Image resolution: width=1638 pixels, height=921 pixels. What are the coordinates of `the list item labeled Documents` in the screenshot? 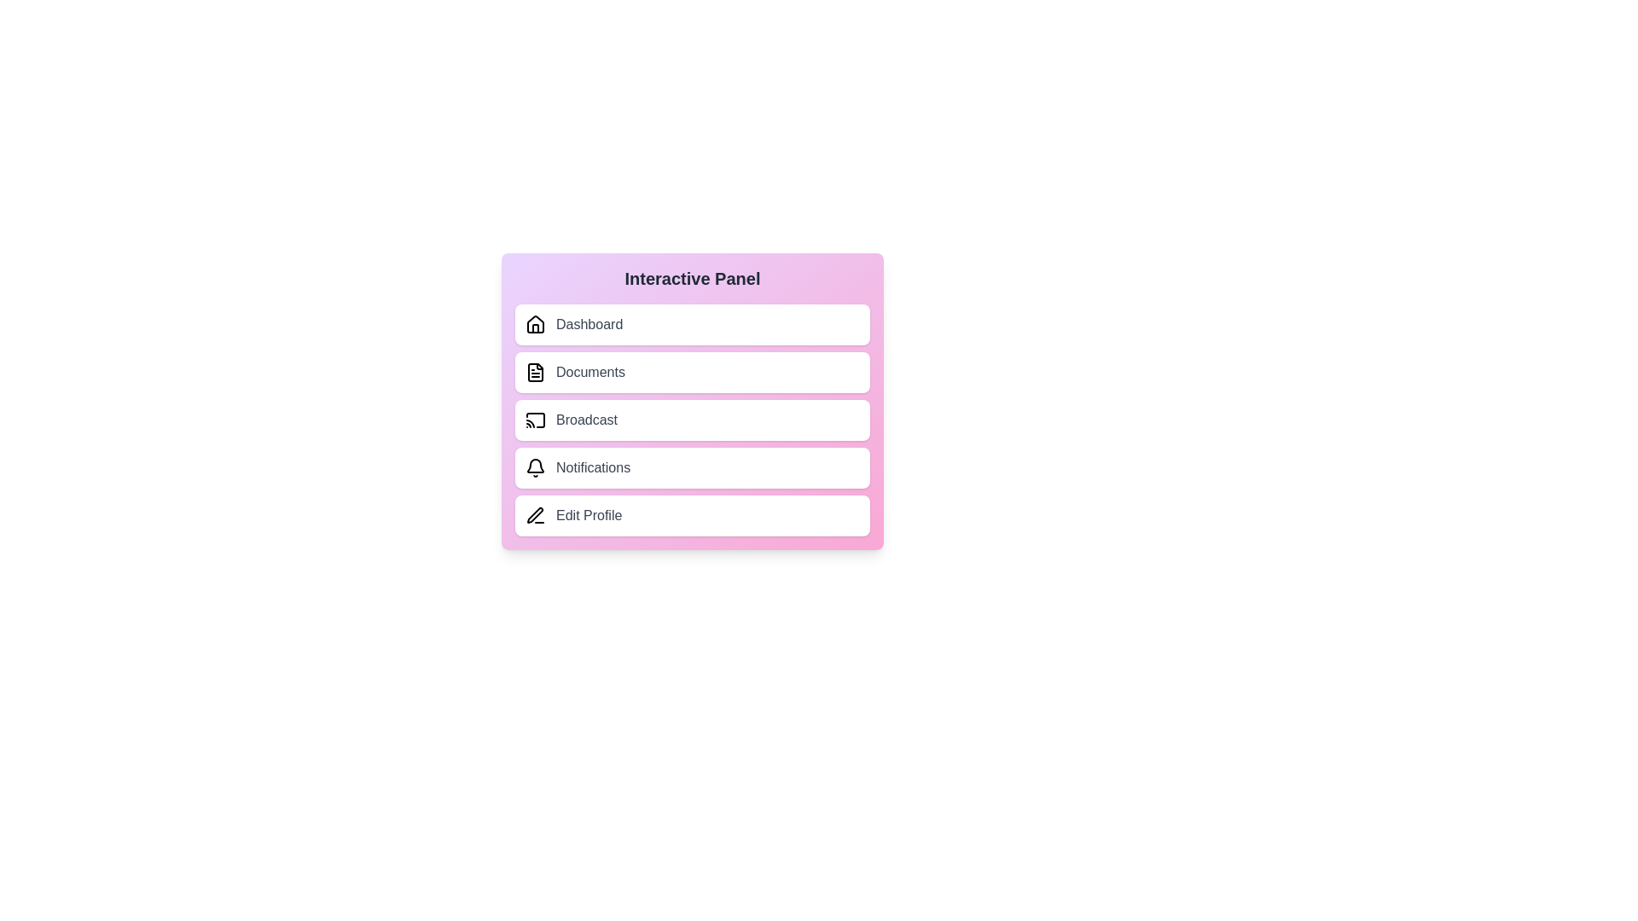 It's located at (692, 371).